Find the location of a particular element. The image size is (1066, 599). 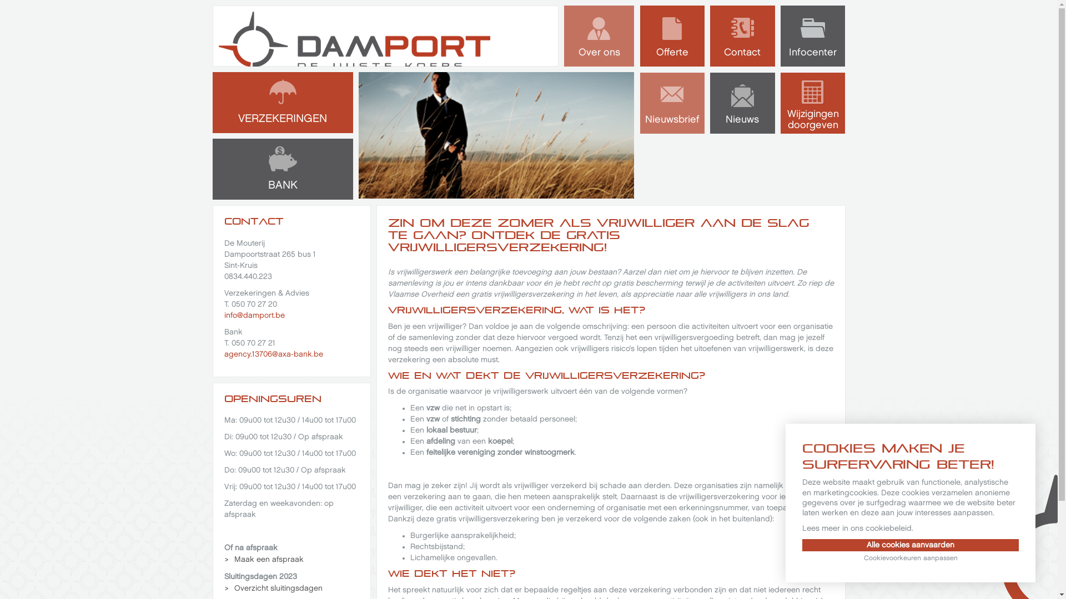

'Over ons' is located at coordinates (599, 35).